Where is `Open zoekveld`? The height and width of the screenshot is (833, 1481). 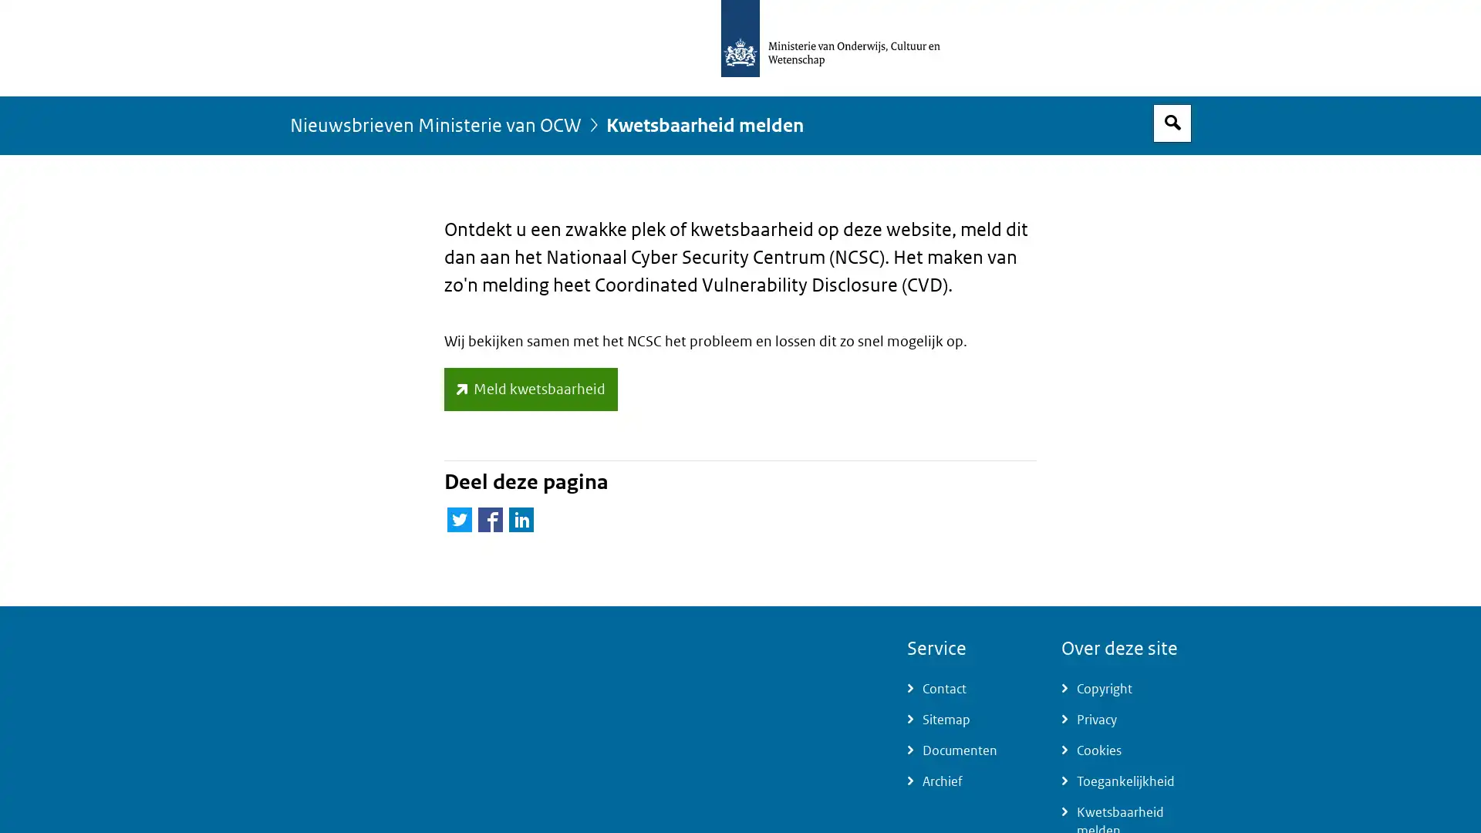 Open zoekveld is located at coordinates (1172, 122).